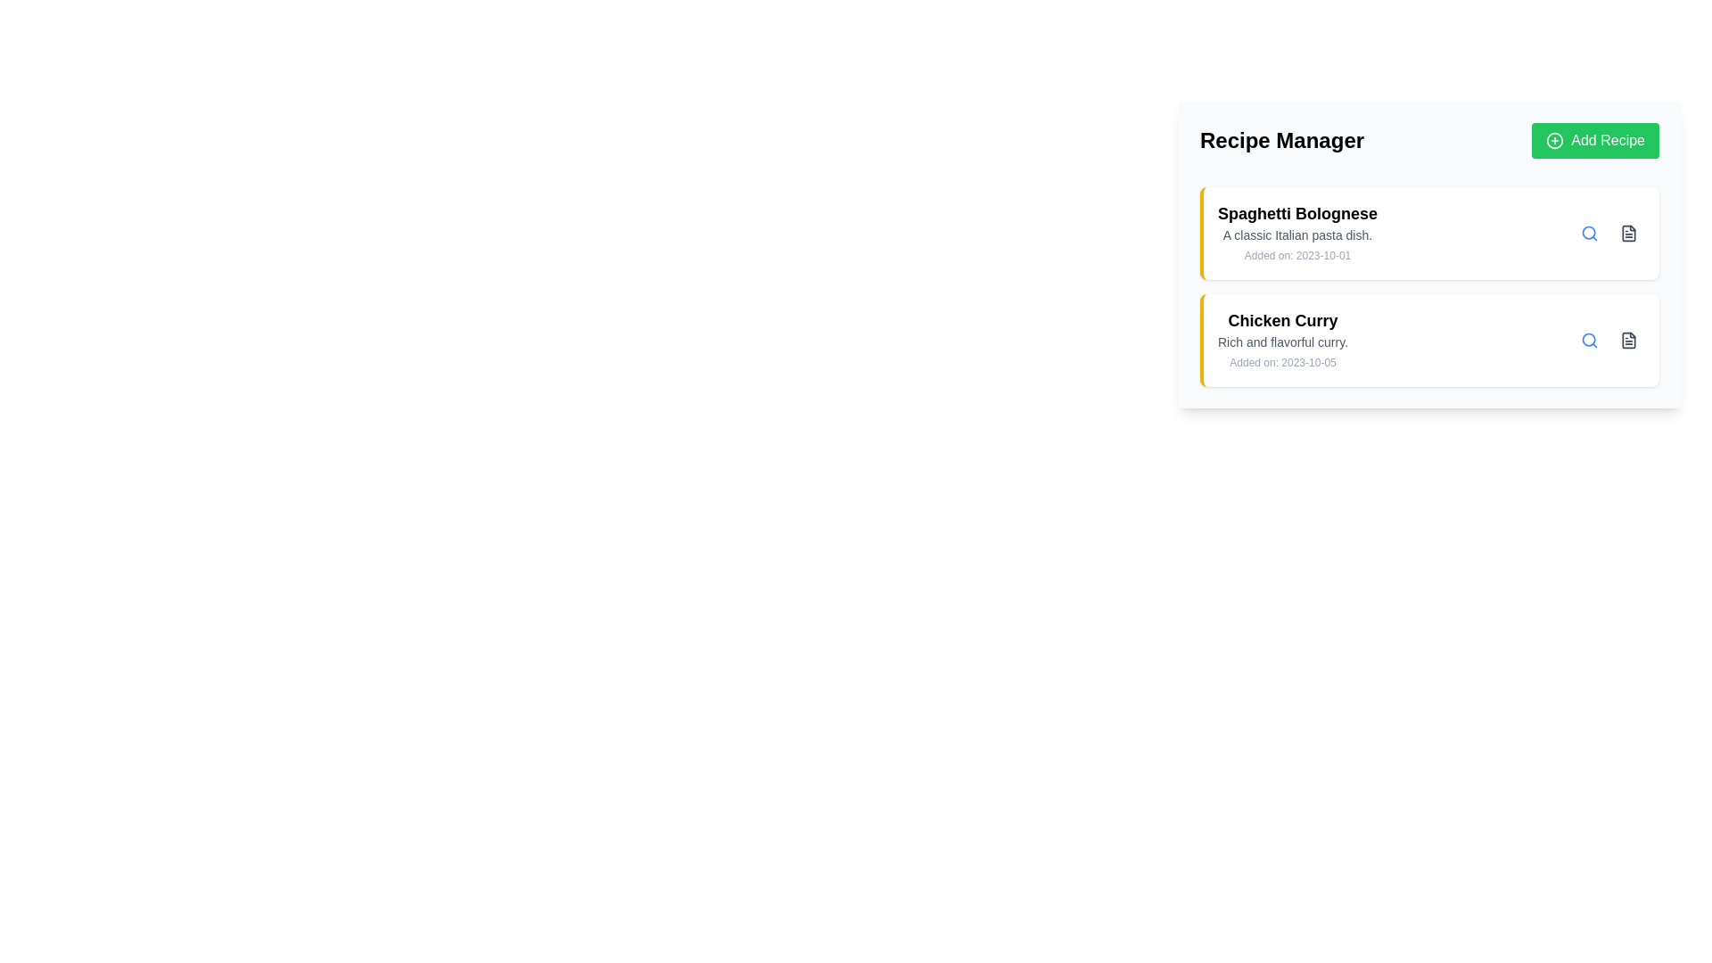 Image resolution: width=1712 pixels, height=963 pixels. What do you see at coordinates (1589, 232) in the screenshot?
I see `the decorative circle element that is part of the search icon in the top-right section of the 'Chicken Curry' entry in the recipe list` at bounding box center [1589, 232].